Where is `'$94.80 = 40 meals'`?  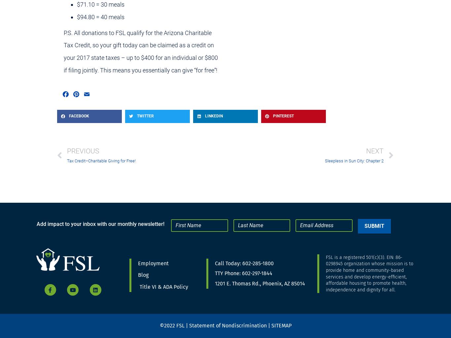 '$94.80 = 40 meals' is located at coordinates (77, 17).